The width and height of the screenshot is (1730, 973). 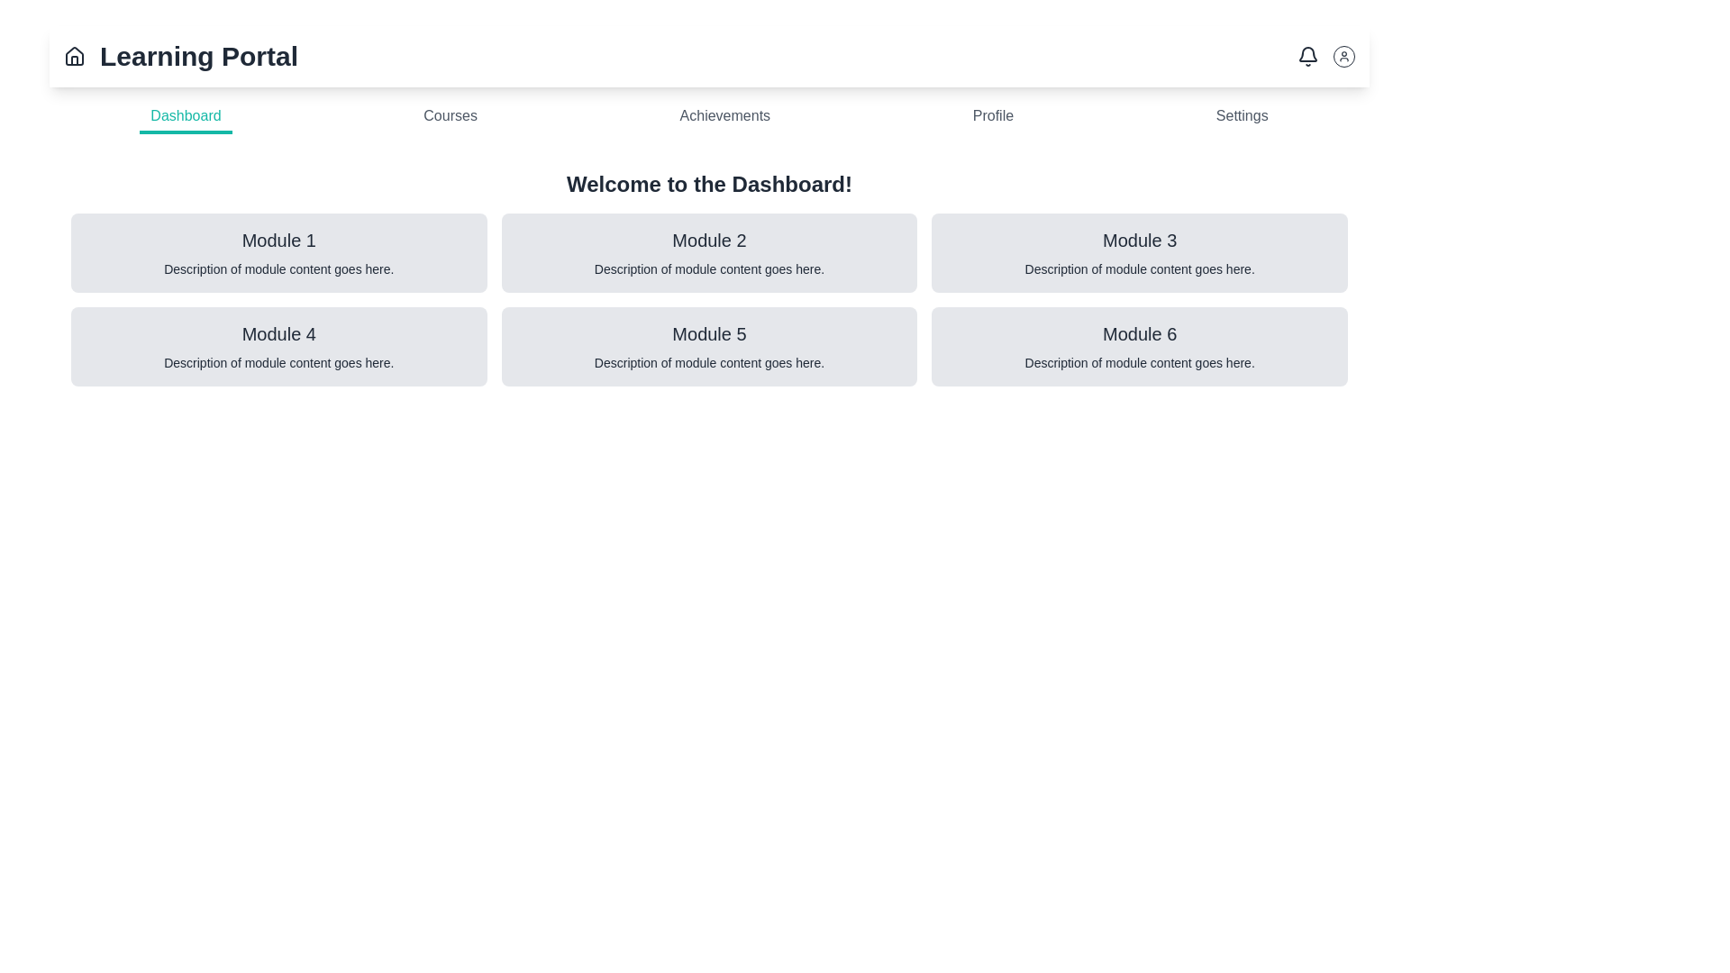 What do you see at coordinates (708, 118) in the screenshot?
I see `the Horizontal Navigation Bar` at bounding box center [708, 118].